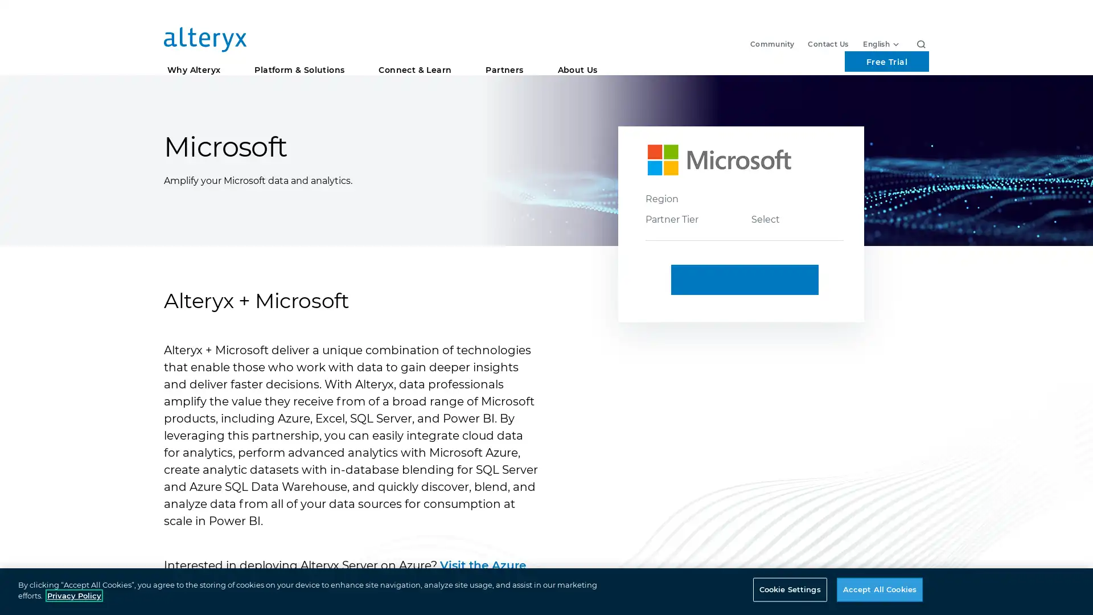 The height and width of the screenshot is (615, 1093). Describe the element at coordinates (789, 589) in the screenshot. I see `Cookie Settings` at that location.